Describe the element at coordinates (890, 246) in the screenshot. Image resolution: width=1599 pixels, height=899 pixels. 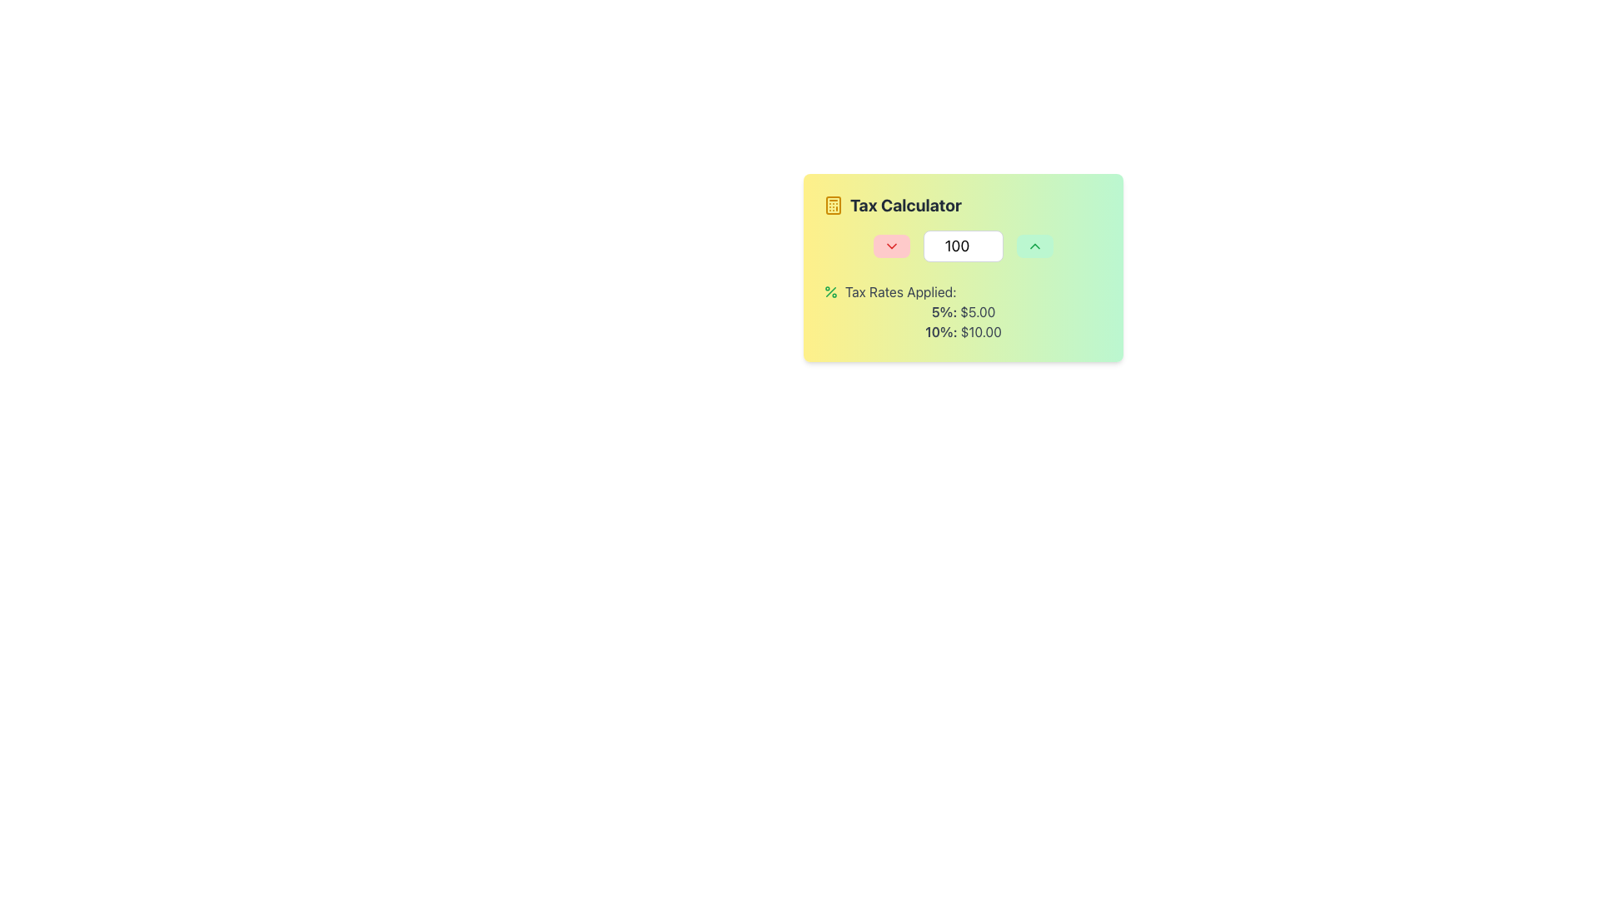
I see `the red button with a downward-pointing chevron icon located in the input section of the tax calculator interface` at that location.